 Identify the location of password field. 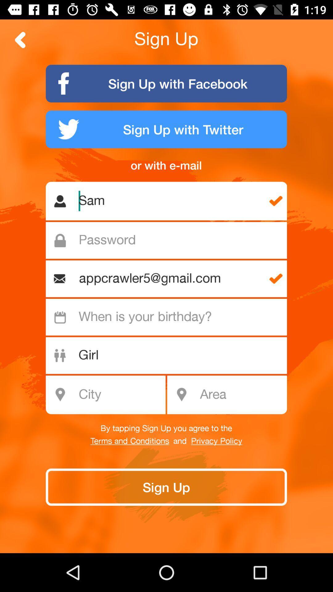
(170, 240).